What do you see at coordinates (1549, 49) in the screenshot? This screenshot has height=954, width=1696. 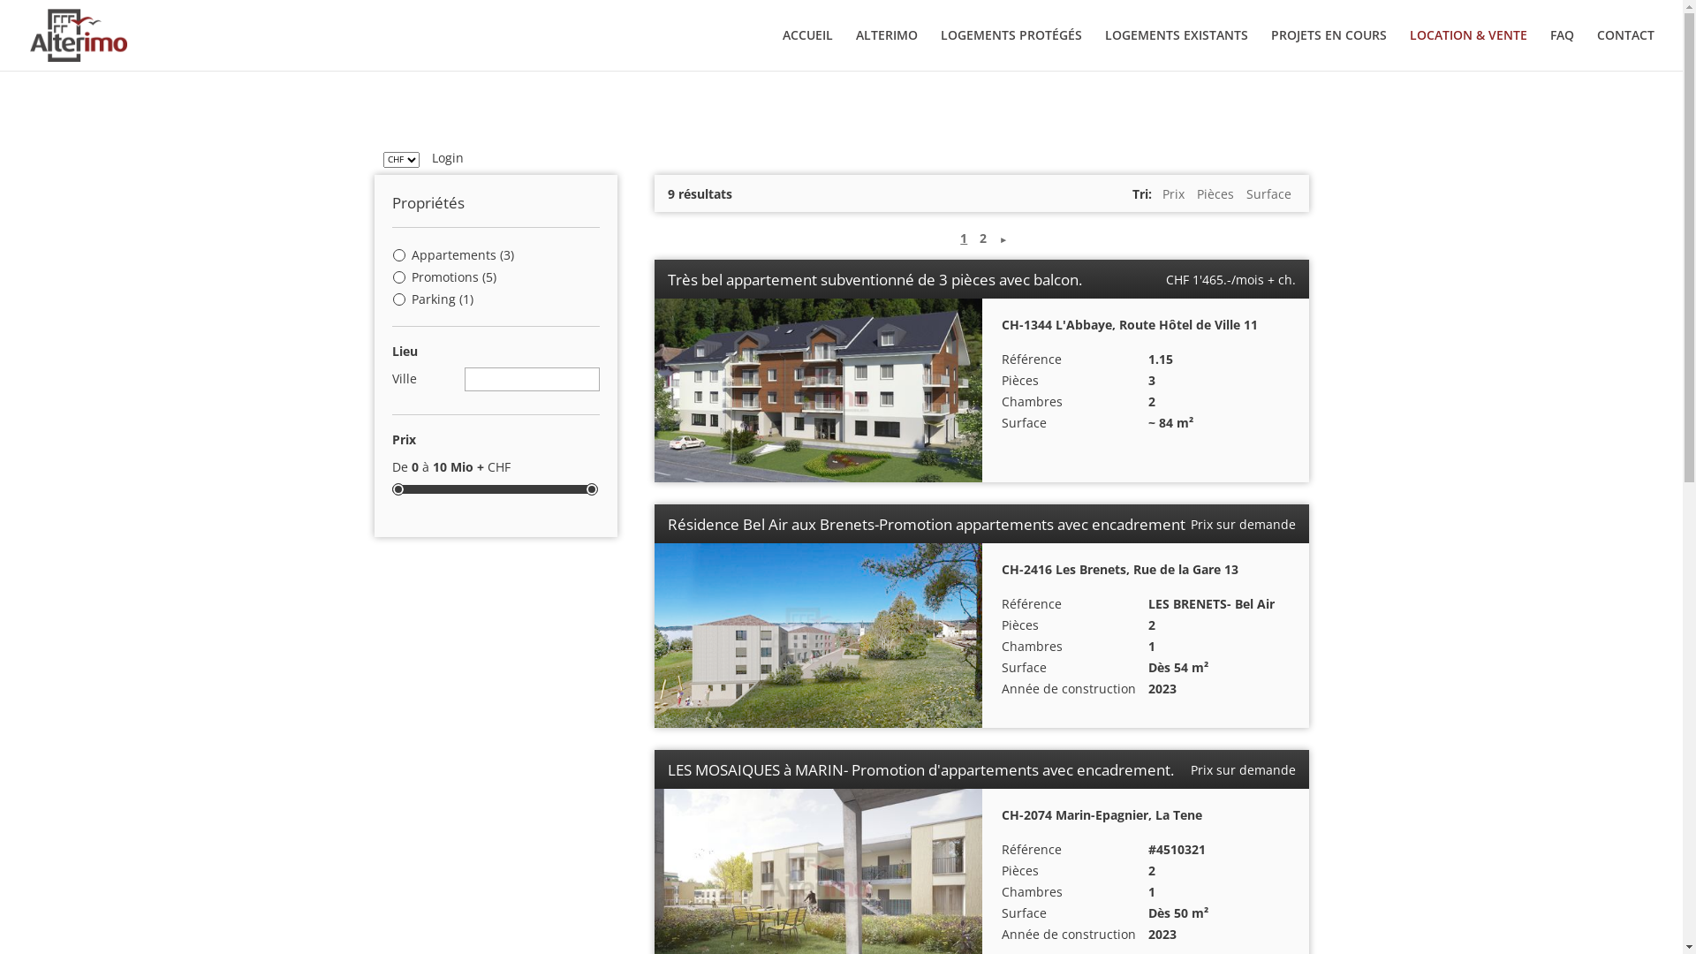 I see `'FAQ'` at bounding box center [1549, 49].